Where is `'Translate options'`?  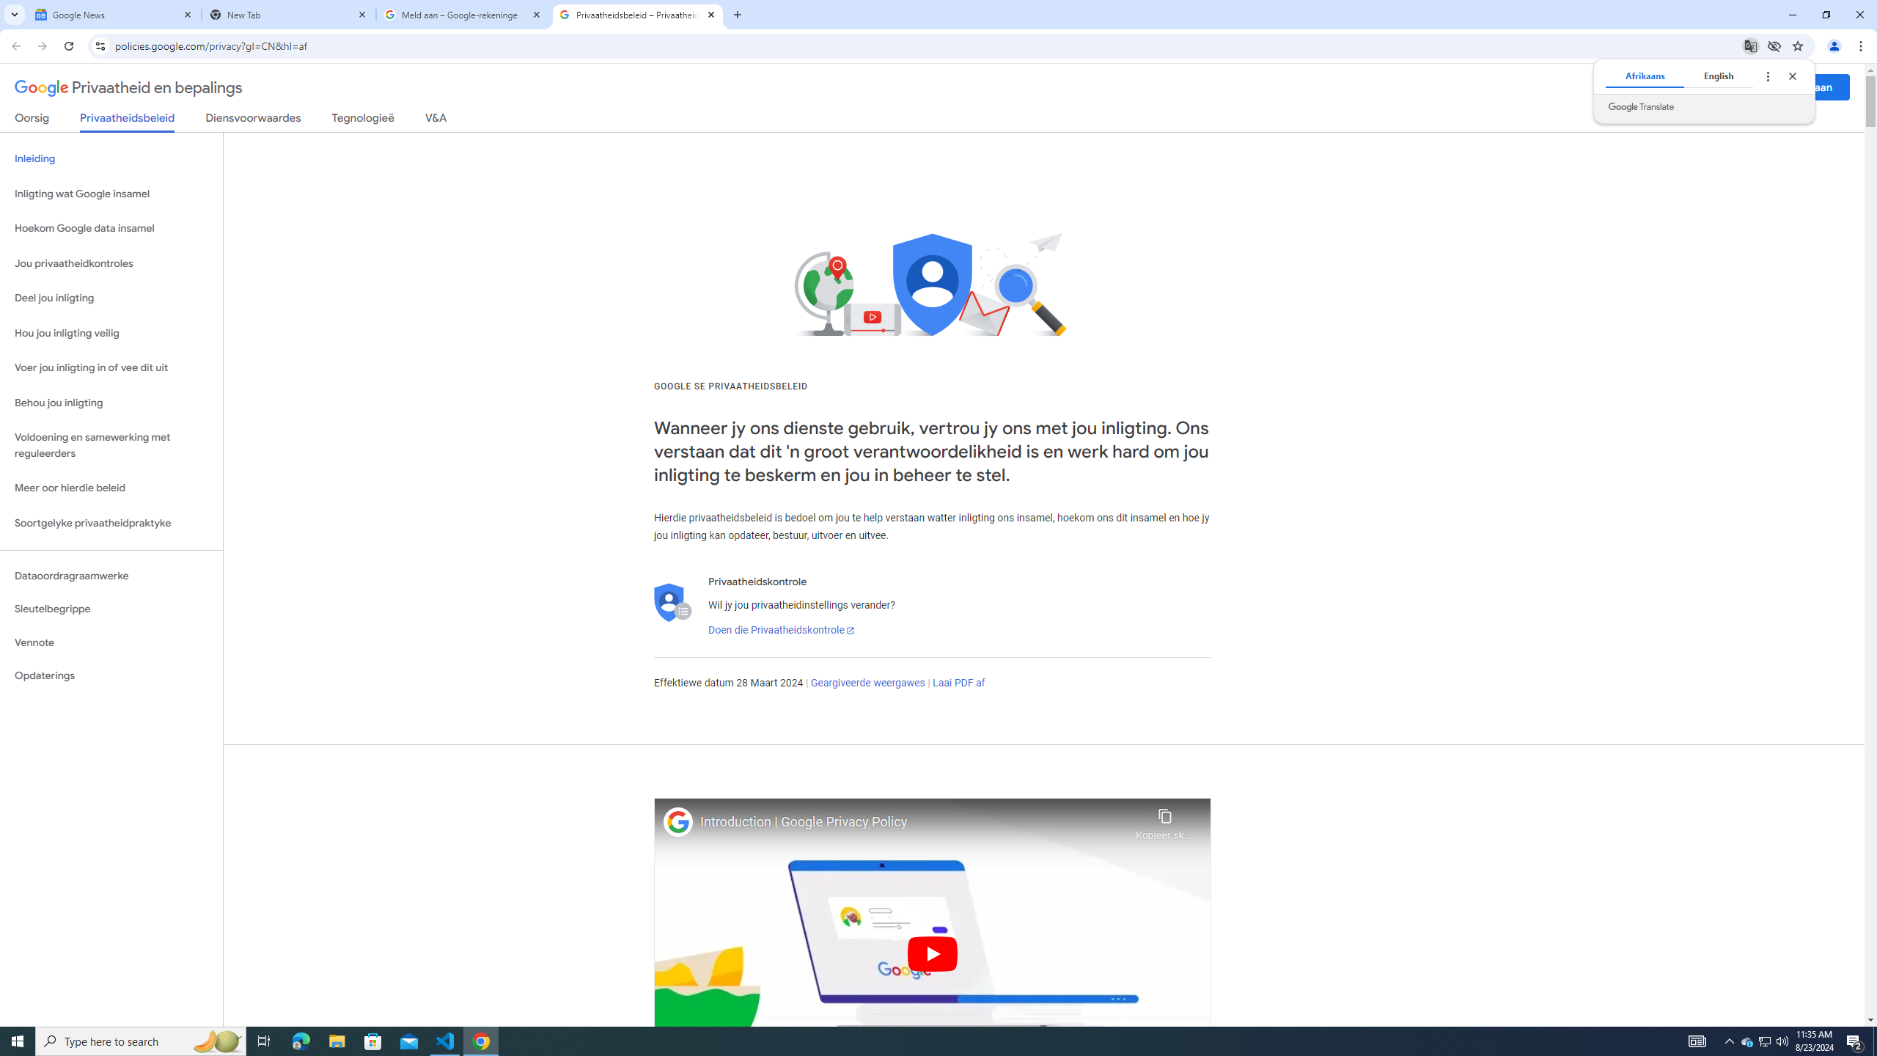 'Translate options' is located at coordinates (1766, 76).